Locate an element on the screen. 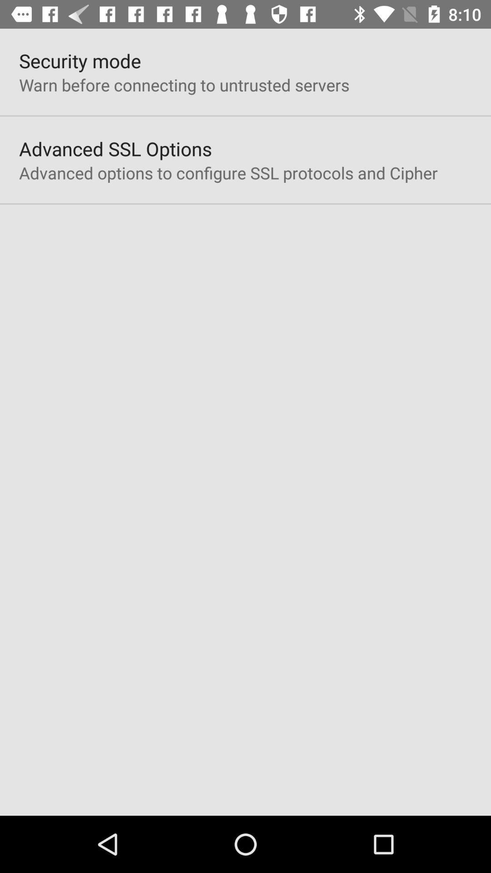  the icon below the security mode item is located at coordinates (184, 85).